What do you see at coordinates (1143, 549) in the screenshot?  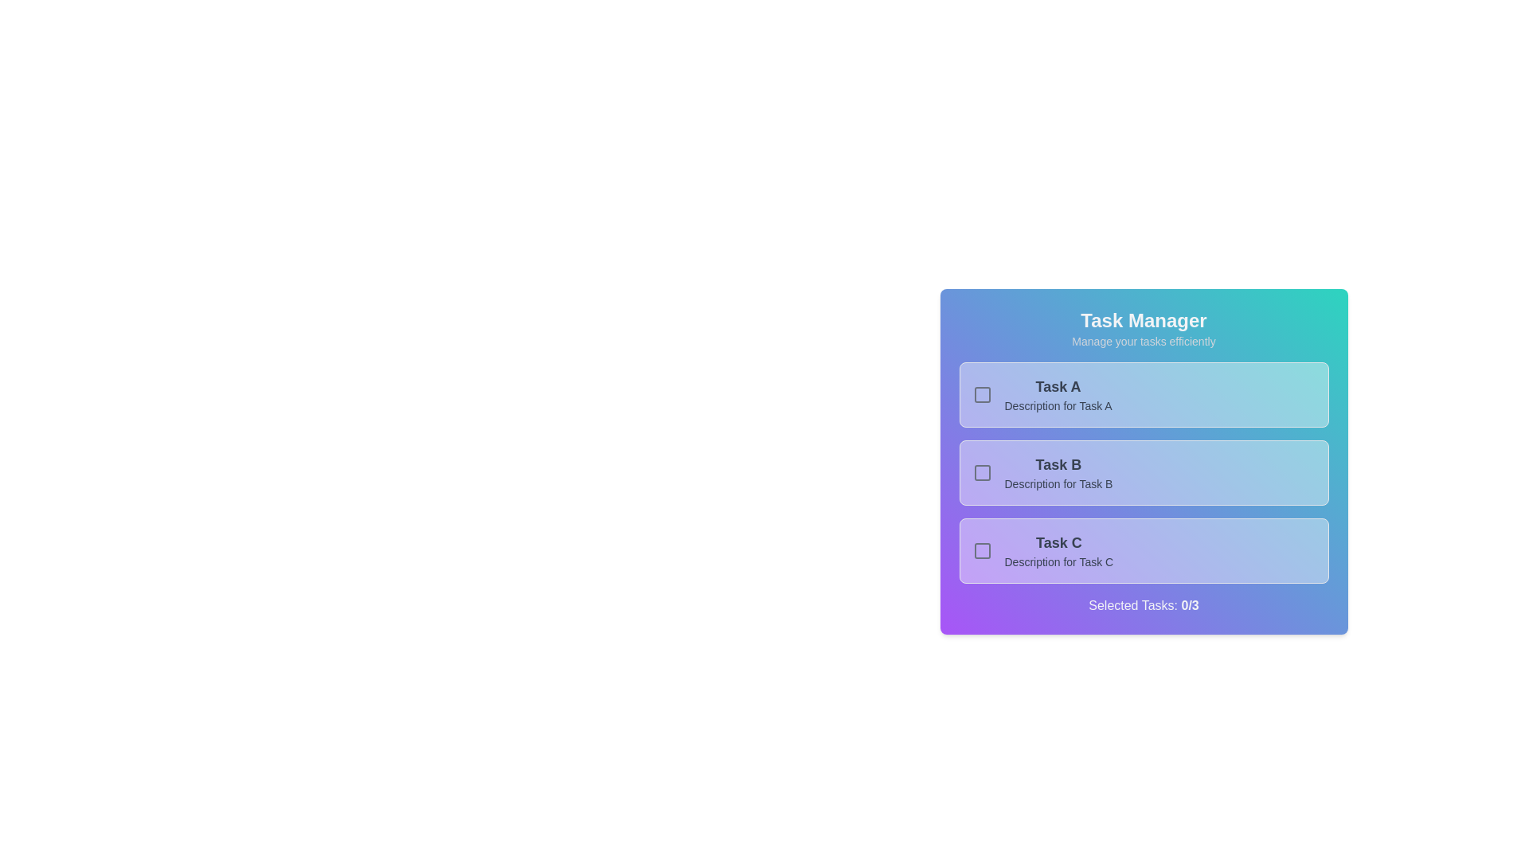 I see `the task card corresponding to 3` at bounding box center [1143, 549].